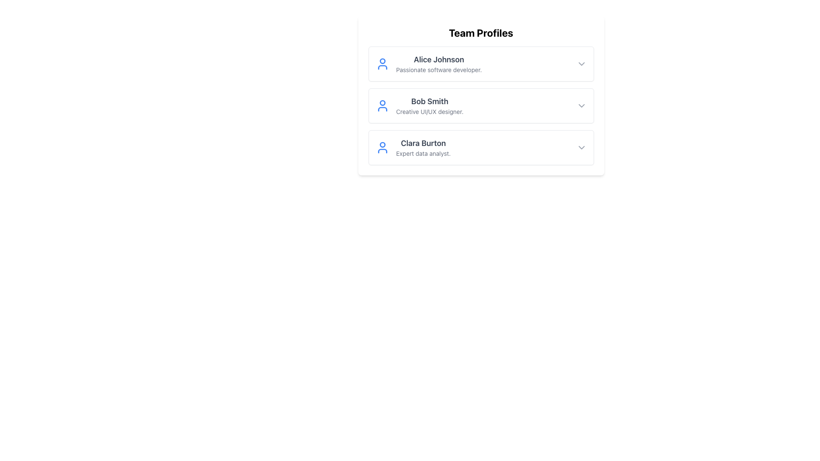  I want to click on the circular element in the user profile icon located in the 'Team Profiles' section, which is adjacent to 'Bob Smith's' name, so click(382, 102).